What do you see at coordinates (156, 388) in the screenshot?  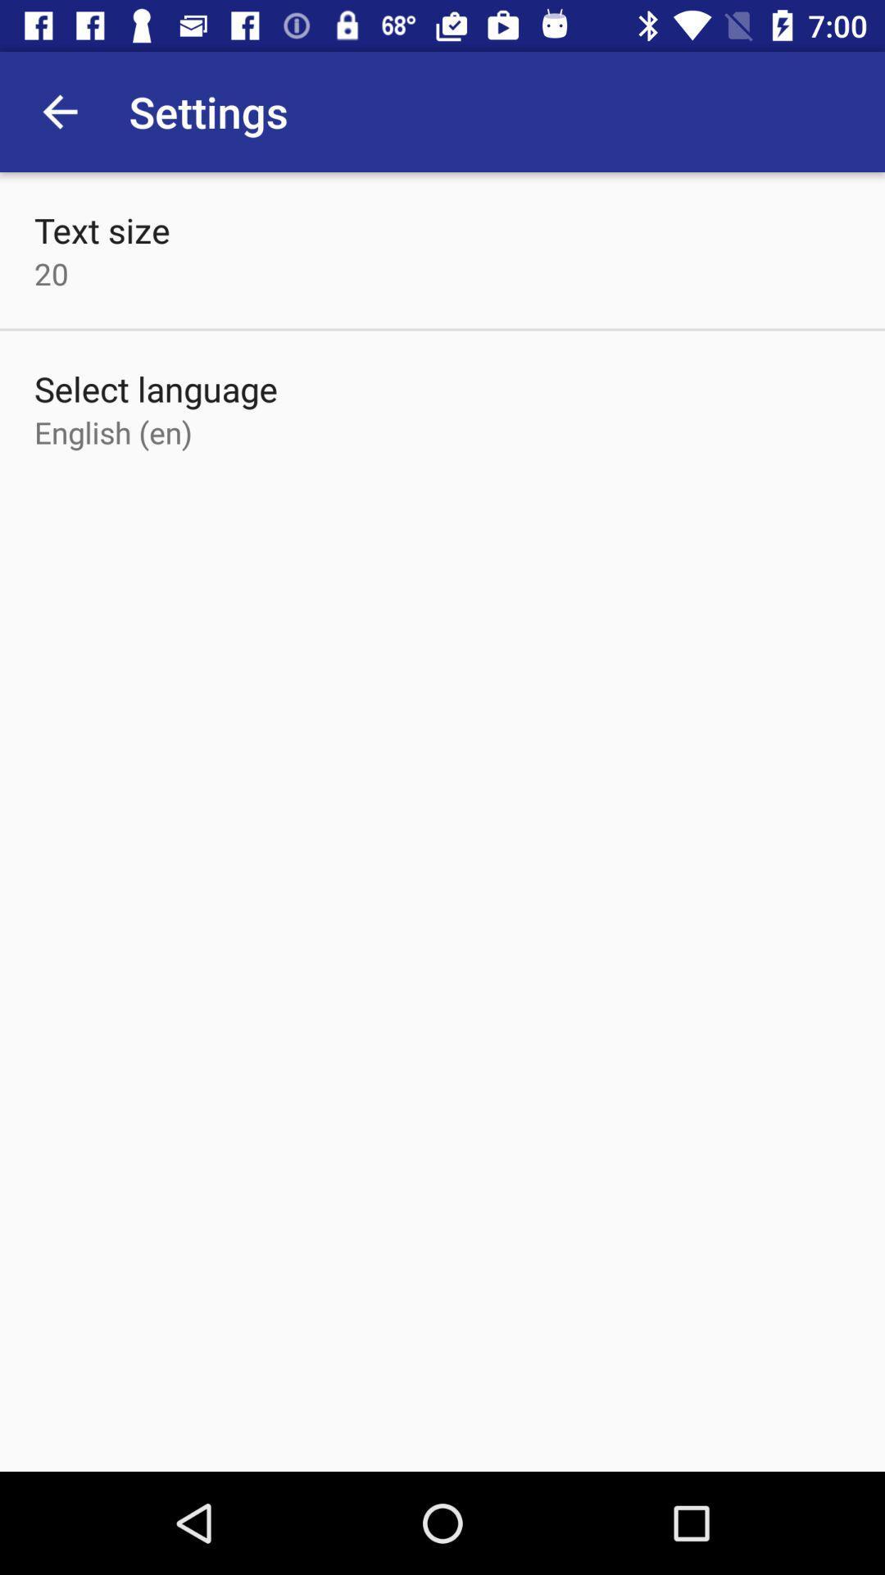 I see `icon above the english (en) item` at bounding box center [156, 388].